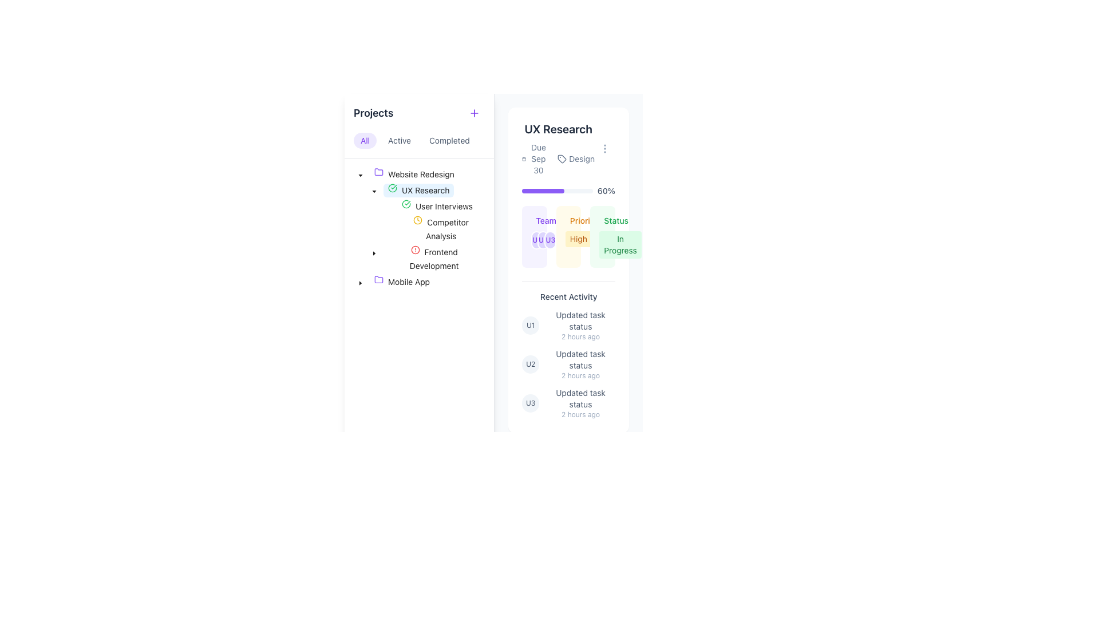 This screenshot has width=1099, height=618. Describe the element at coordinates (413, 174) in the screenshot. I see `the folder icon of the 'Website Redesign' Tree node` at that location.